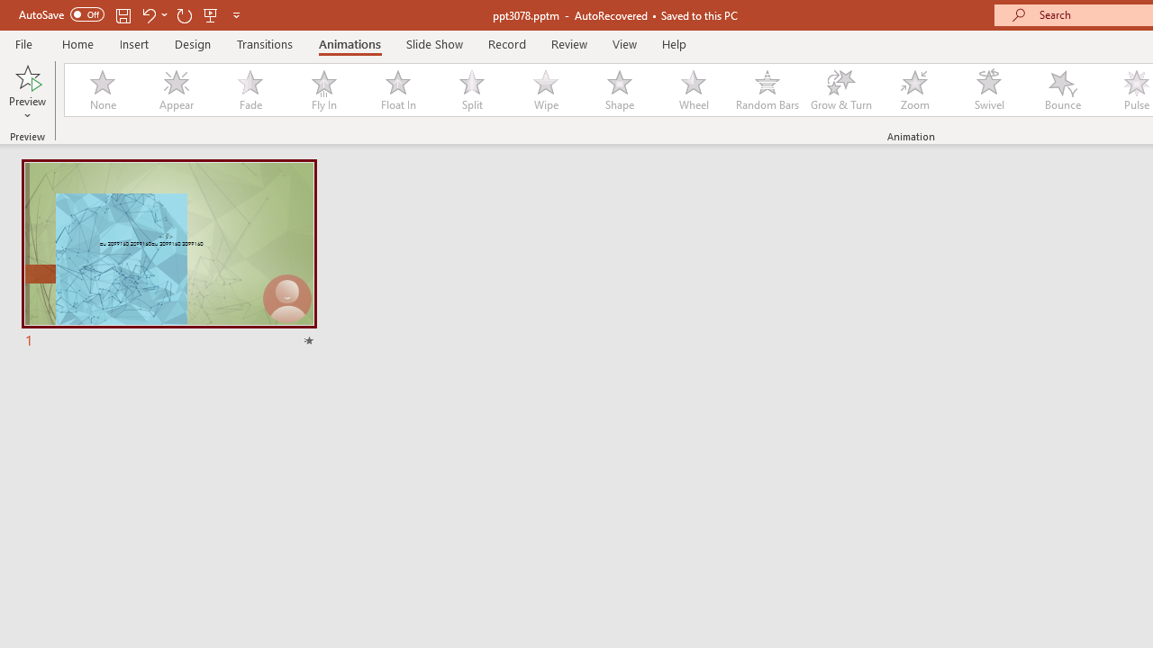 The height and width of the screenshot is (648, 1153). What do you see at coordinates (1063, 90) in the screenshot?
I see `'Bounce'` at bounding box center [1063, 90].